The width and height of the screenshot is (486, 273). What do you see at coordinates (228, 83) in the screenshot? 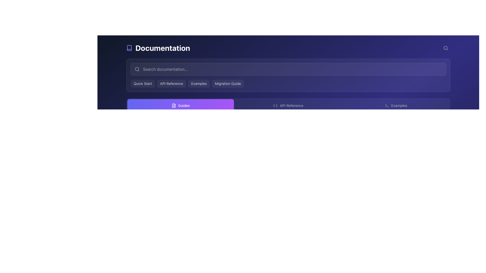
I see `the fourth button in the horizontal row` at bounding box center [228, 83].